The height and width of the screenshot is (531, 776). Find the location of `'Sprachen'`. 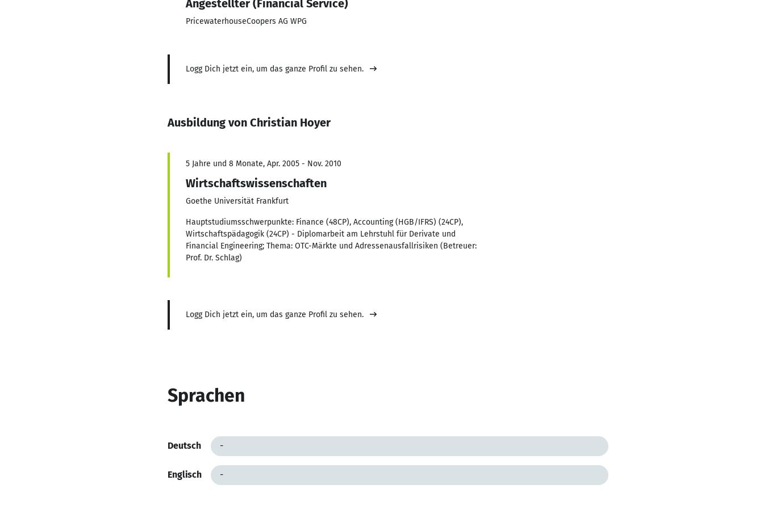

'Sprachen' is located at coordinates (205, 395).